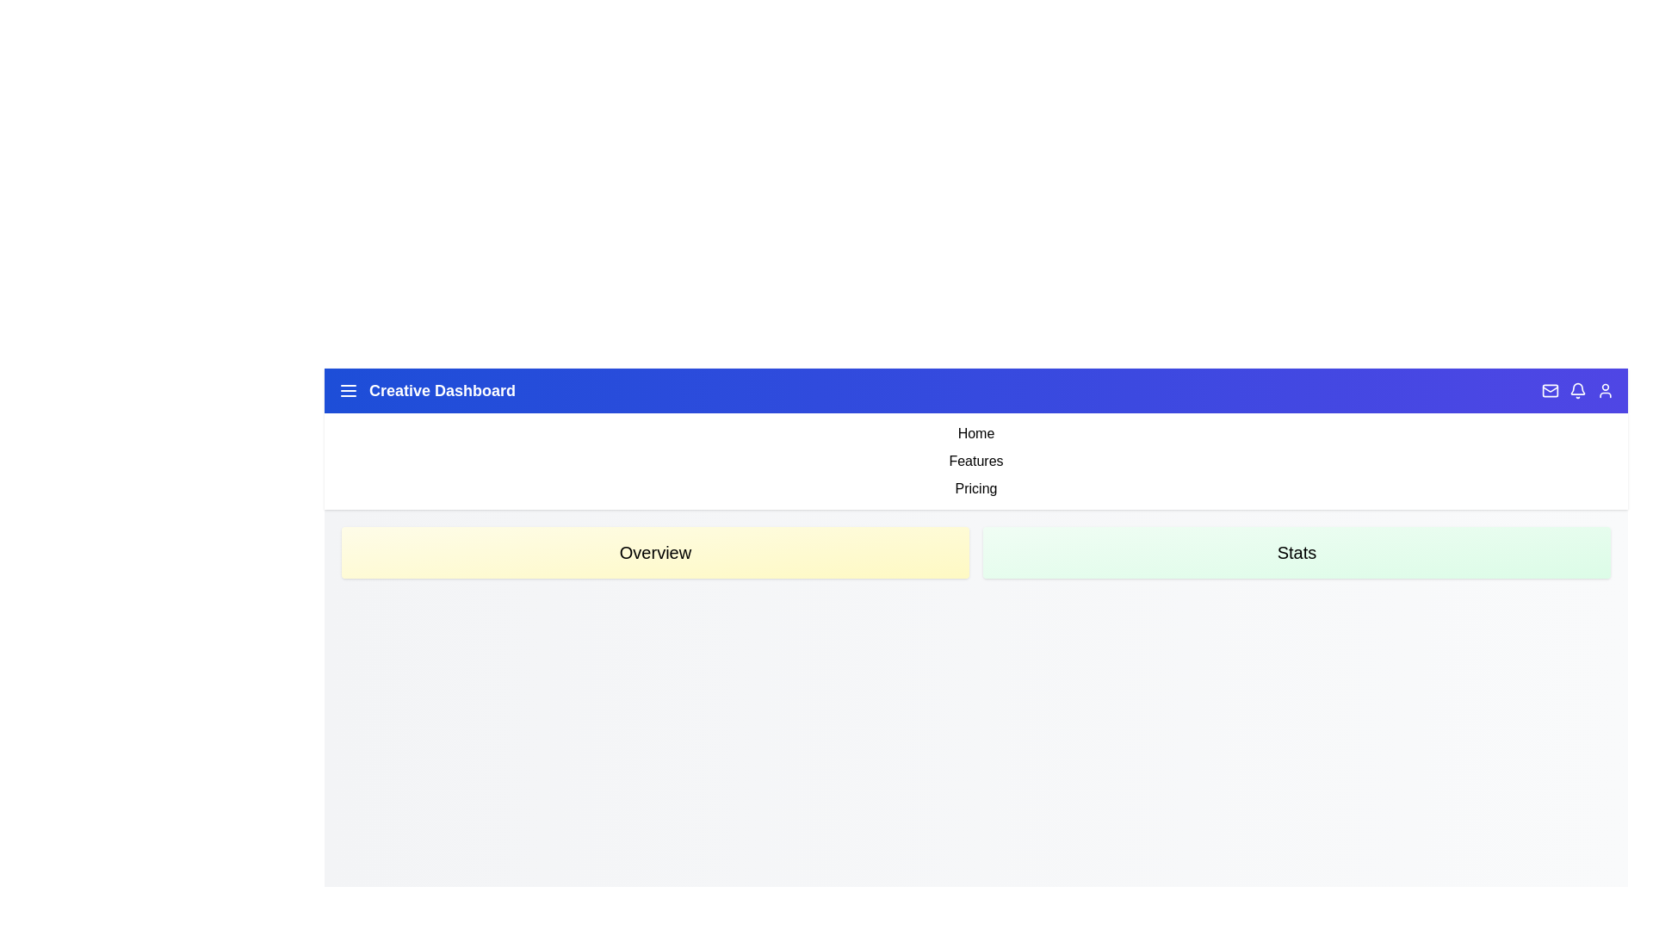 Image resolution: width=1653 pixels, height=930 pixels. Describe the element at coordinates (347, 391) in the screenshot. I see `the menu icon to toggle the sidebar menu` at that location.